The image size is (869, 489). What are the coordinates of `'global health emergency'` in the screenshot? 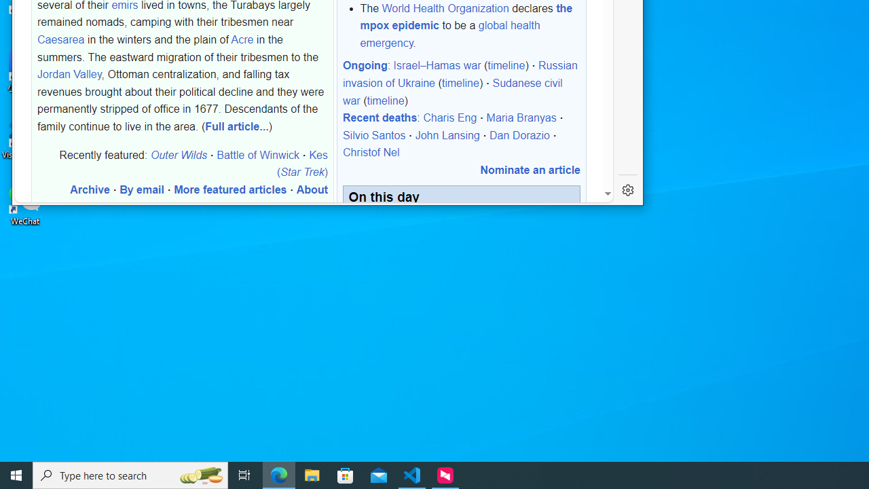 It's located at (450, 33).